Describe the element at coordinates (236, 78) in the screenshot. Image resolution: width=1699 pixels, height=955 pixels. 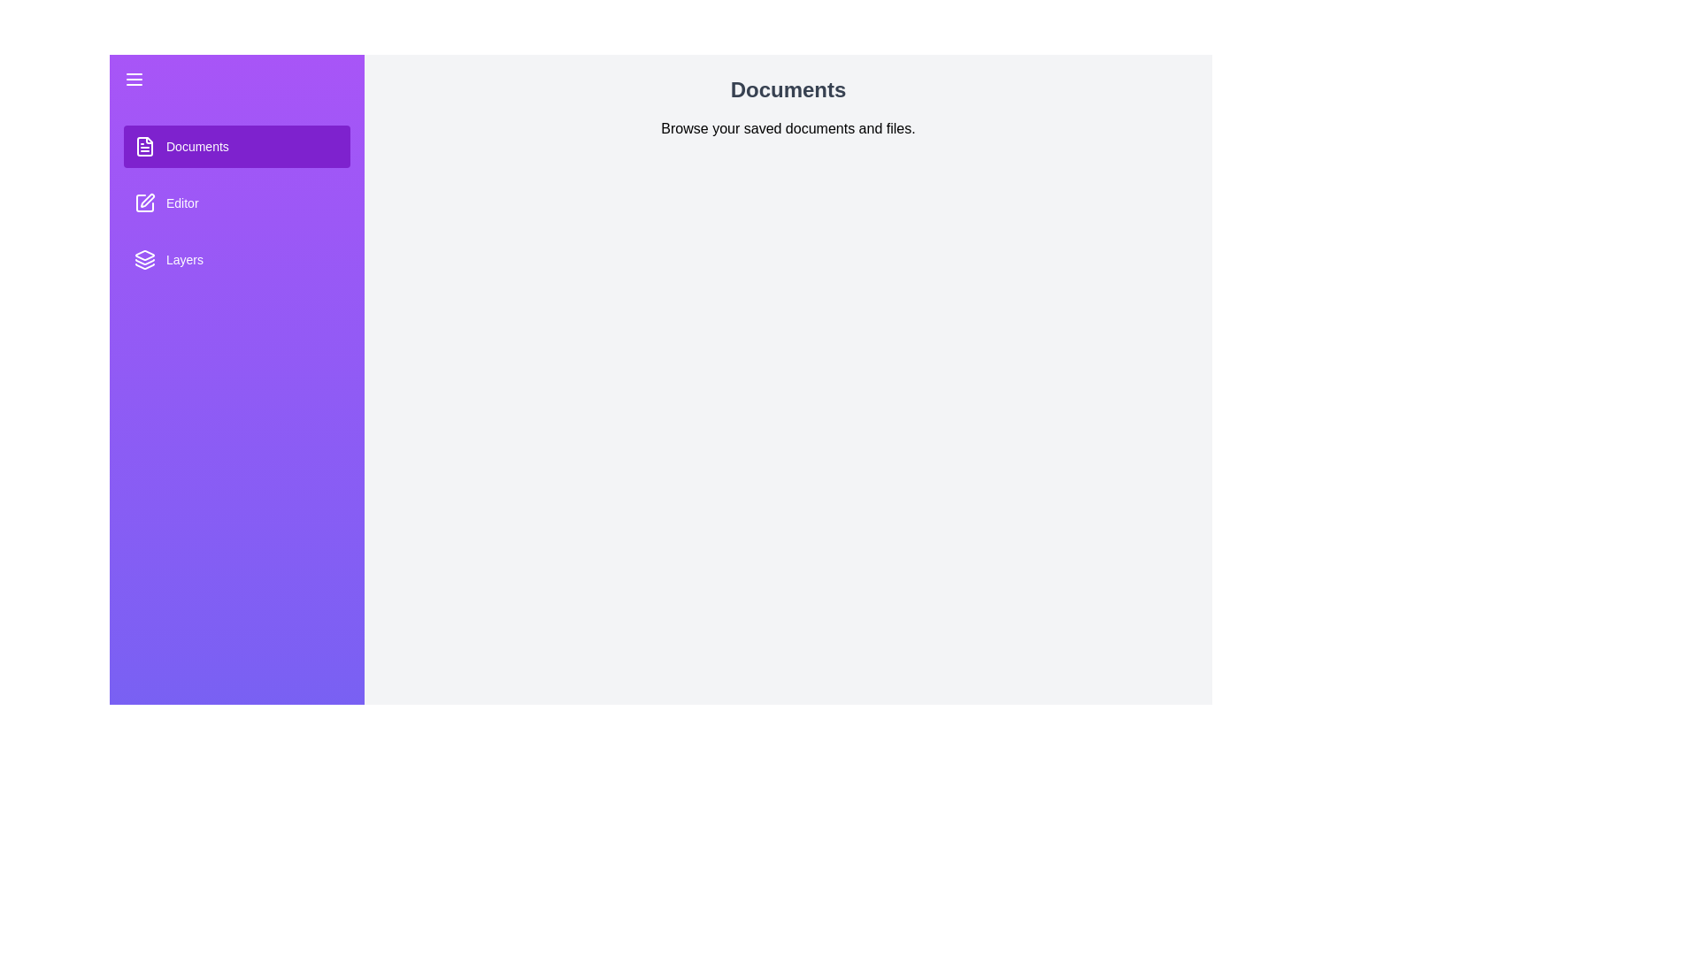
I see `toggle button to change the drawer state` at that location.